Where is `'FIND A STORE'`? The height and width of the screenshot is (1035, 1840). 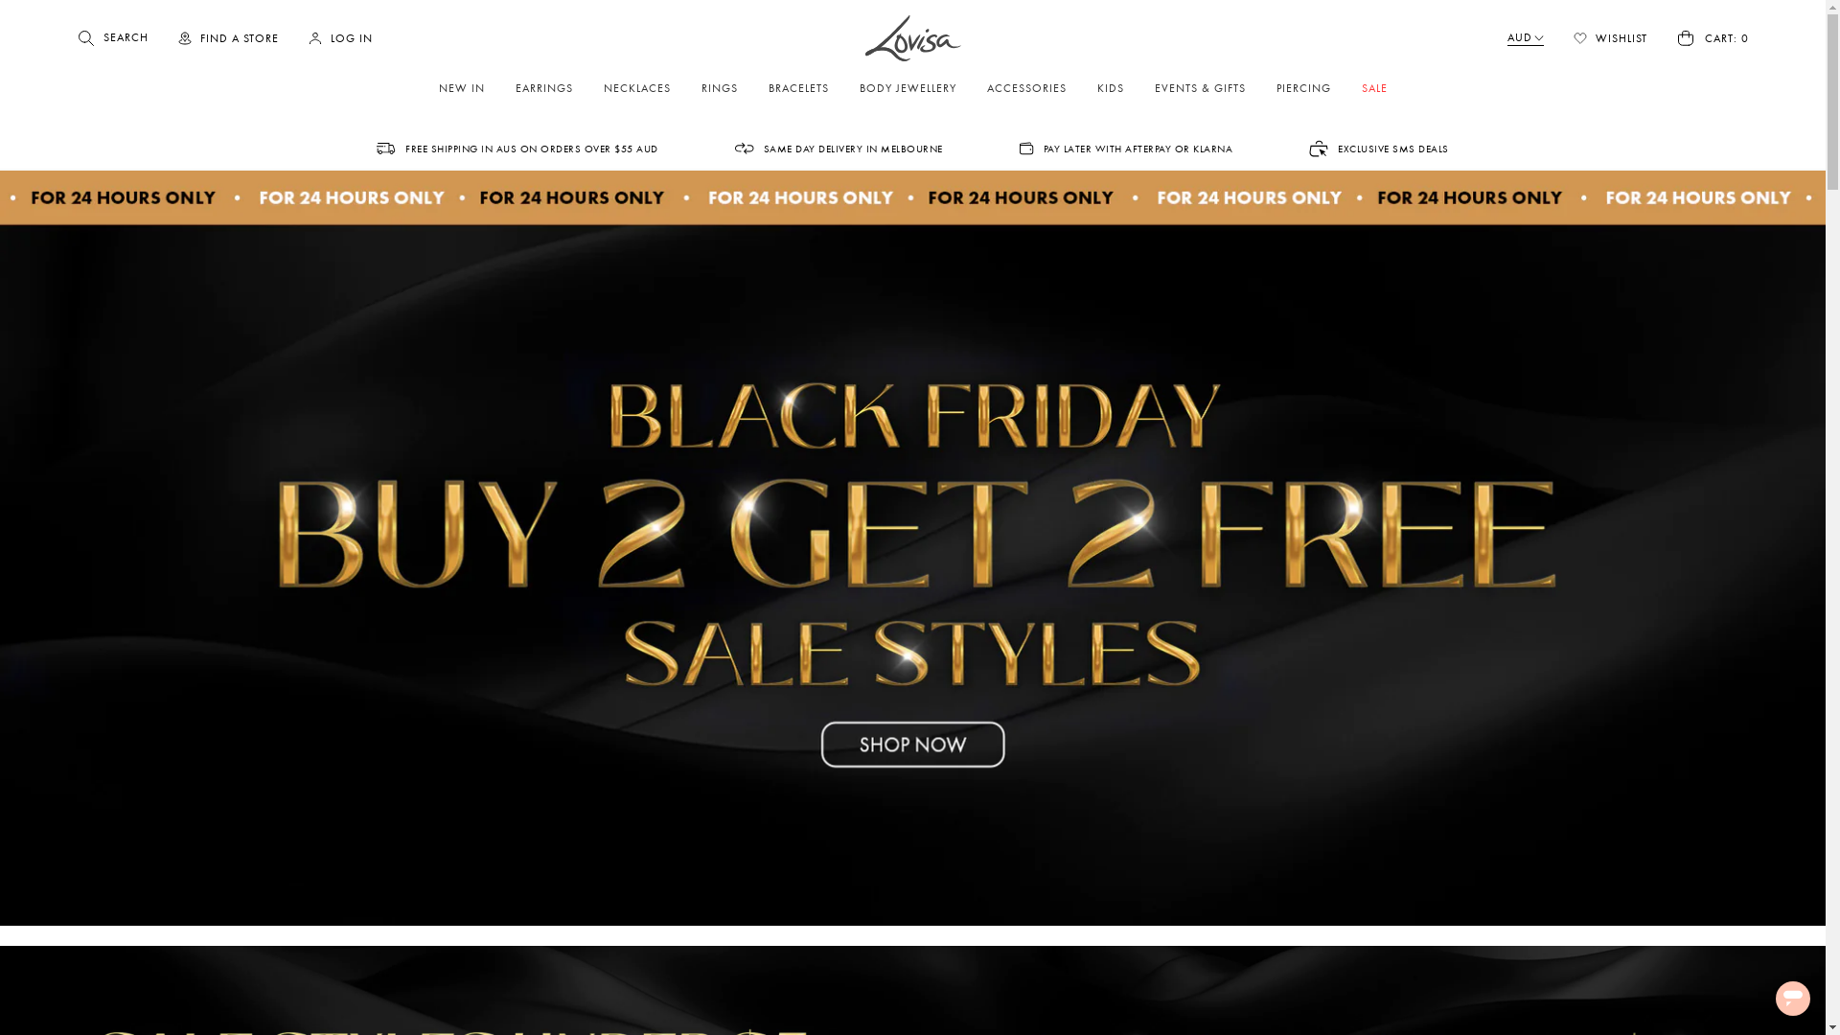 'FIND A STORE' is located at coordinates (228, 38).